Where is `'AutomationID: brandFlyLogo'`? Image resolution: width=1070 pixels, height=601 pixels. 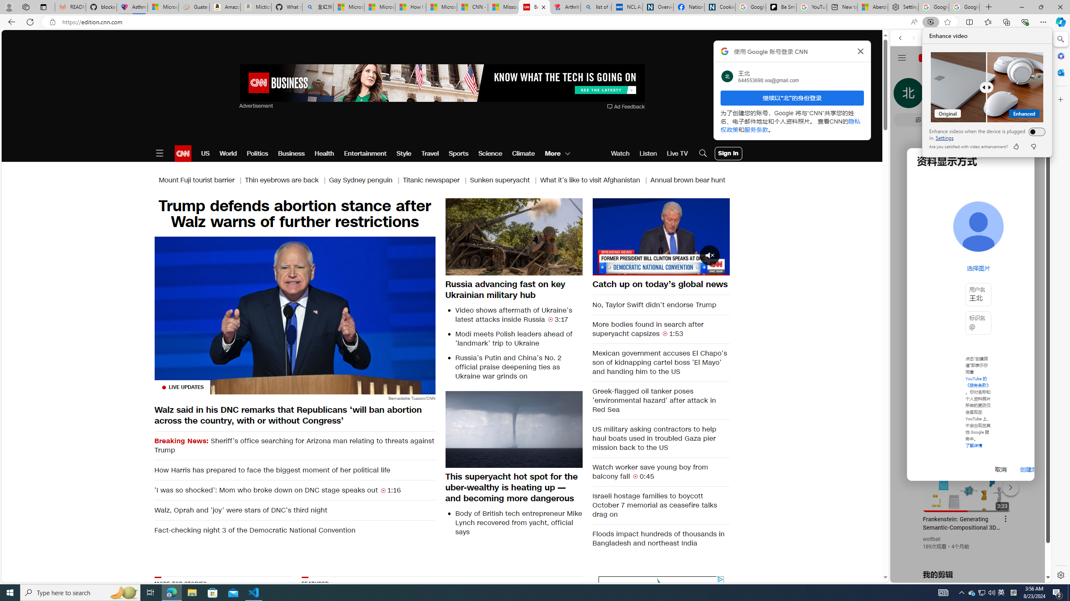
'AutomationID: brandFlyLogo' is located at coordinates (661, 583).